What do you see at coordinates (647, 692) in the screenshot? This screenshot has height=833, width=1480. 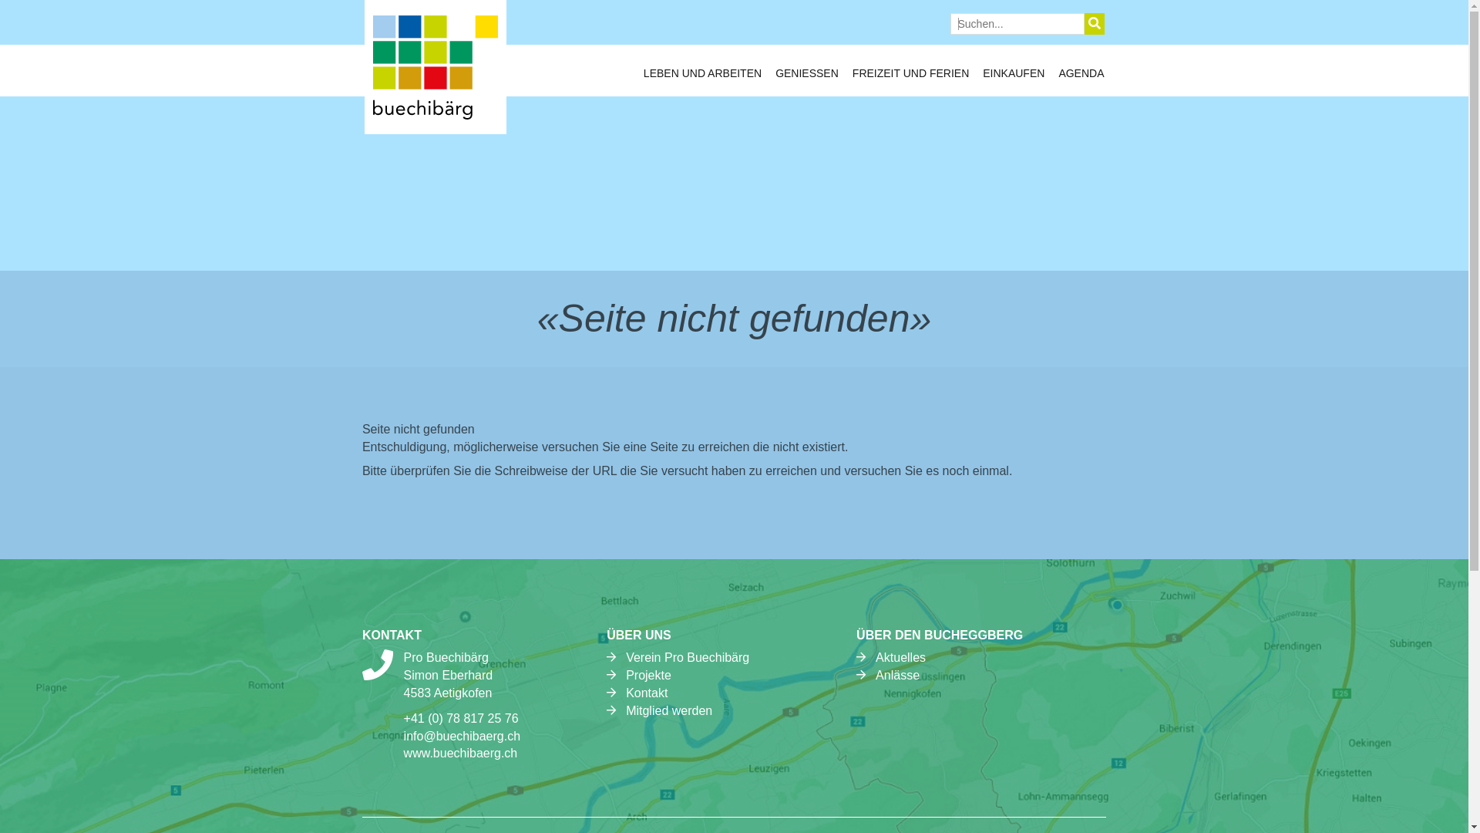 I see `'Kontakt'` at bounding box center [647, 692].